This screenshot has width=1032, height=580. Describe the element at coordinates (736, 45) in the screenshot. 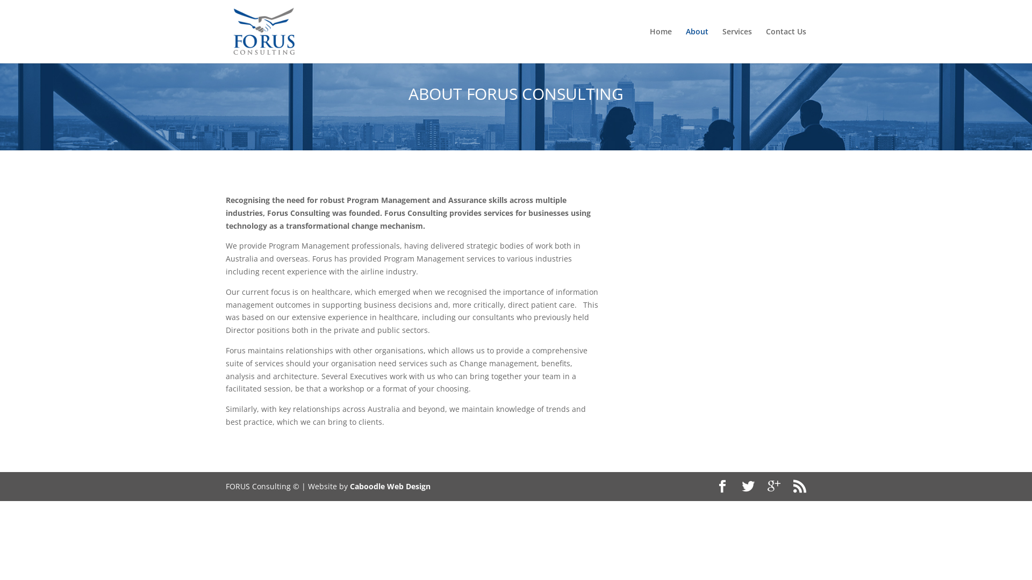

I see `'Services'` at that location.